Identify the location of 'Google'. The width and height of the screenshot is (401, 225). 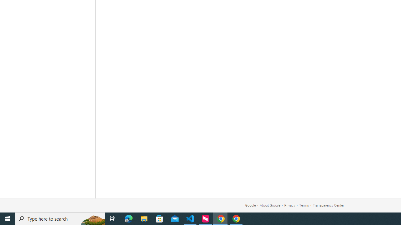
(250, 205).